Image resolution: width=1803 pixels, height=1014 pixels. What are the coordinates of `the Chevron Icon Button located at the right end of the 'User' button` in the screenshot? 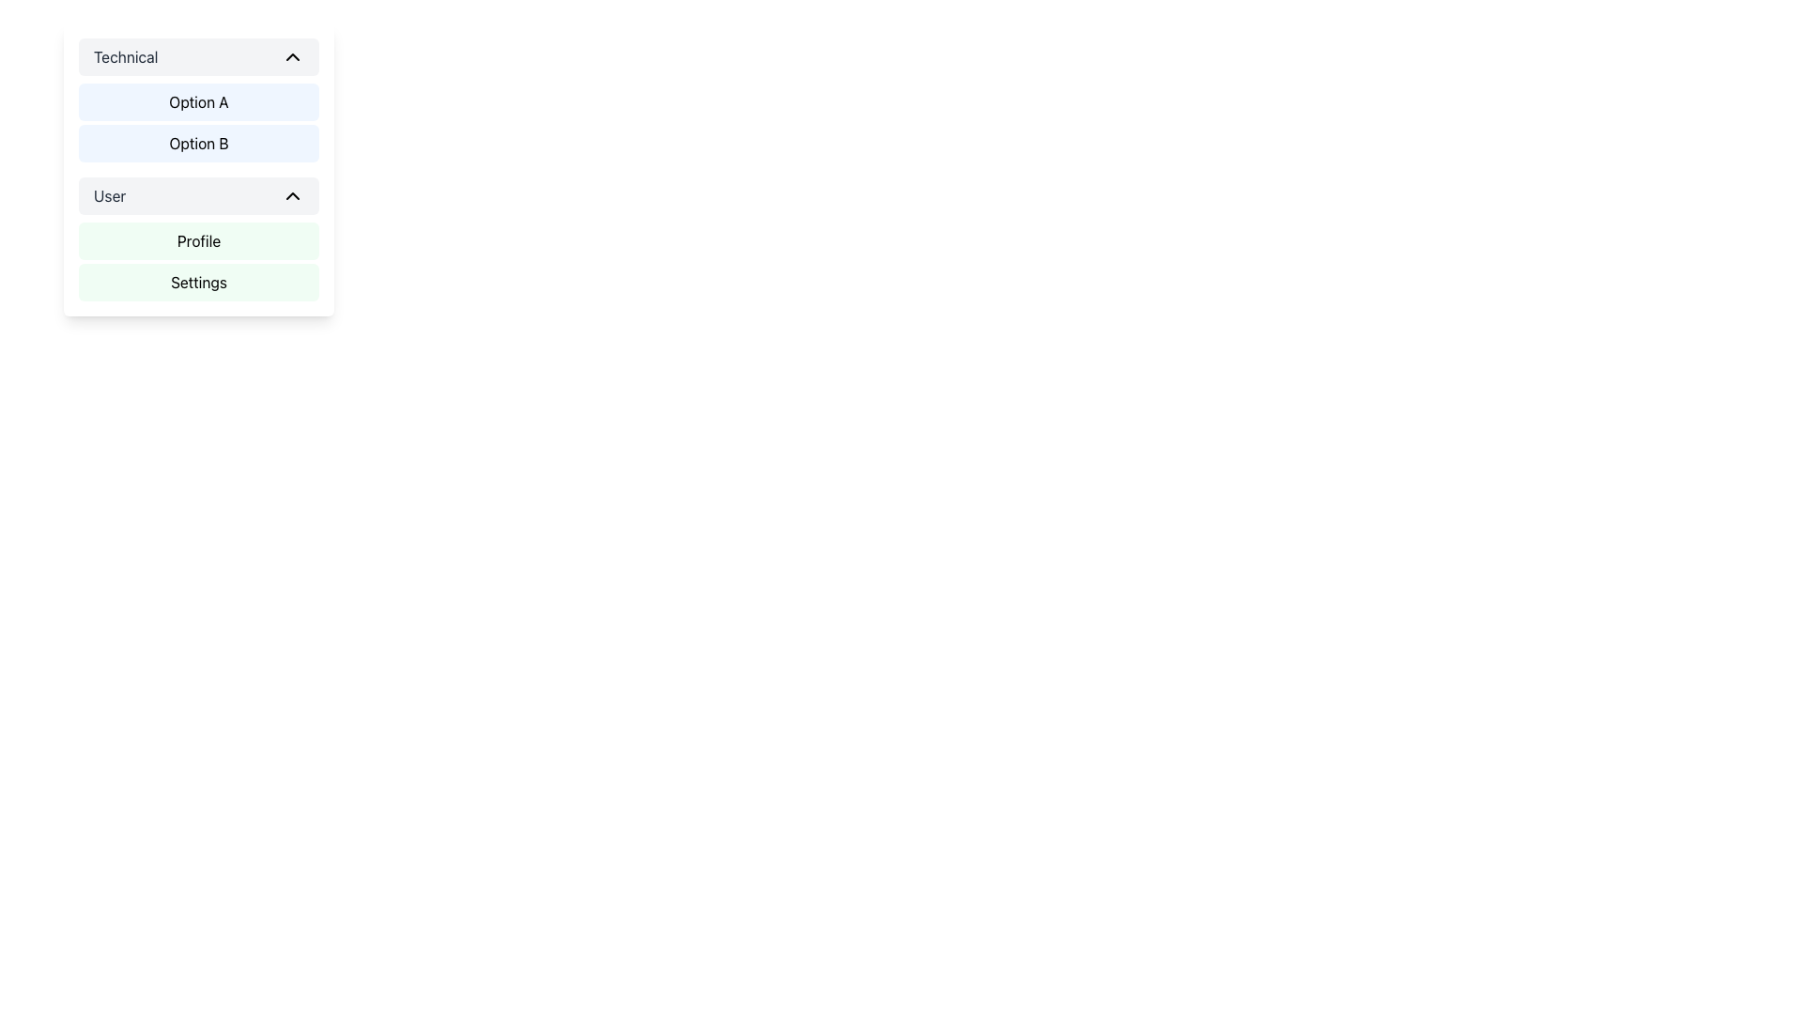 It's located at (292, 195).